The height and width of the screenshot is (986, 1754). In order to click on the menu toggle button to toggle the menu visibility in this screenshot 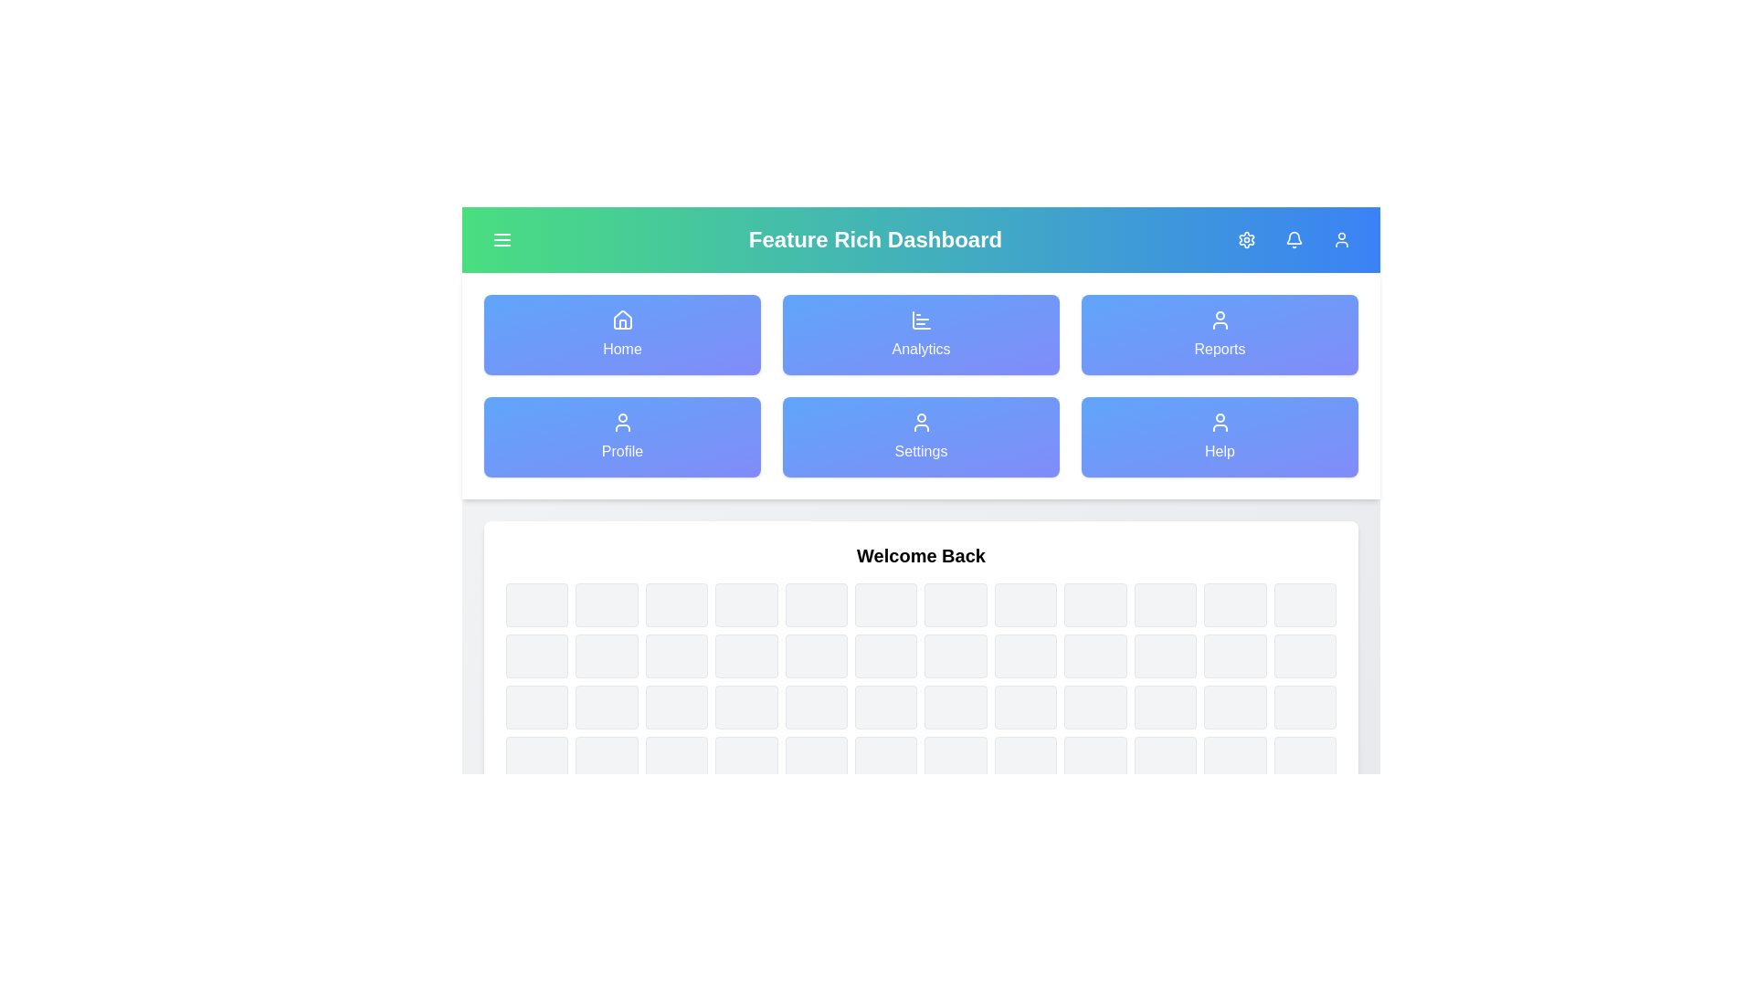, I will do `click(502, 238)`.